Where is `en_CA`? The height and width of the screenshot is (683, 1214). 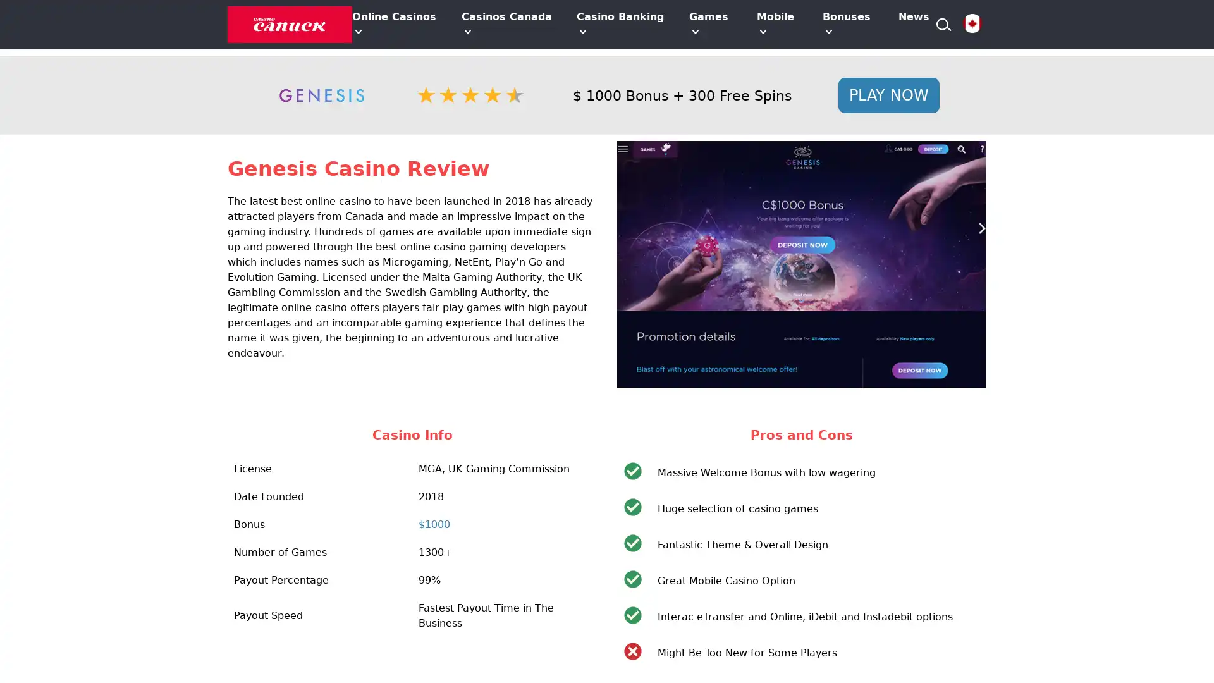
en_CA is located at coordinates (971, 24).